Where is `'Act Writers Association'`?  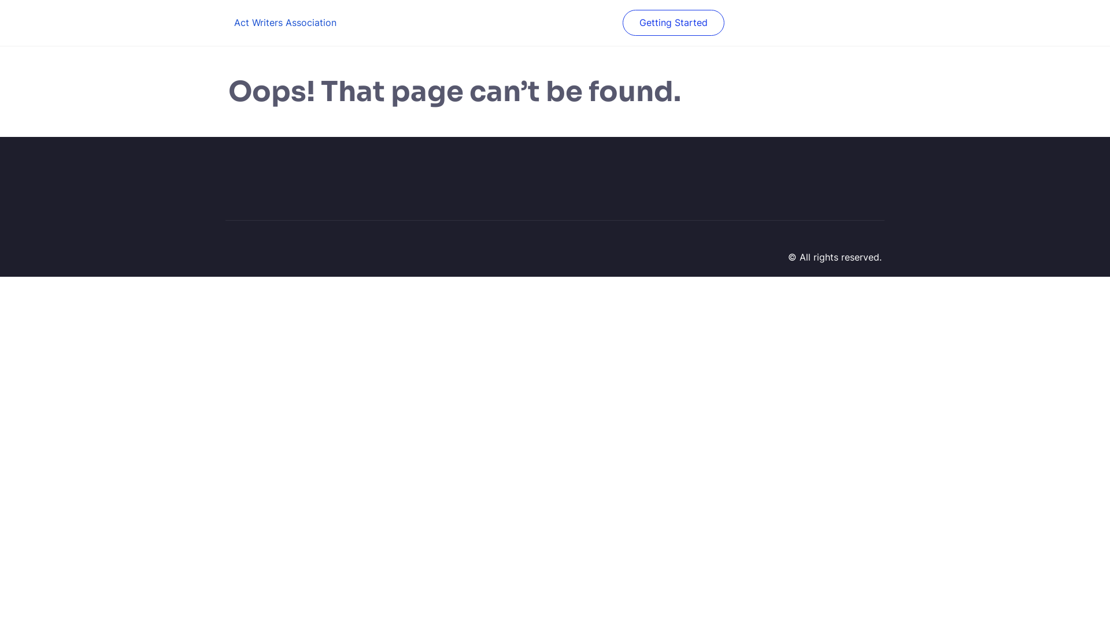 'Act Writers Association' is located at coordinates (285, 22).